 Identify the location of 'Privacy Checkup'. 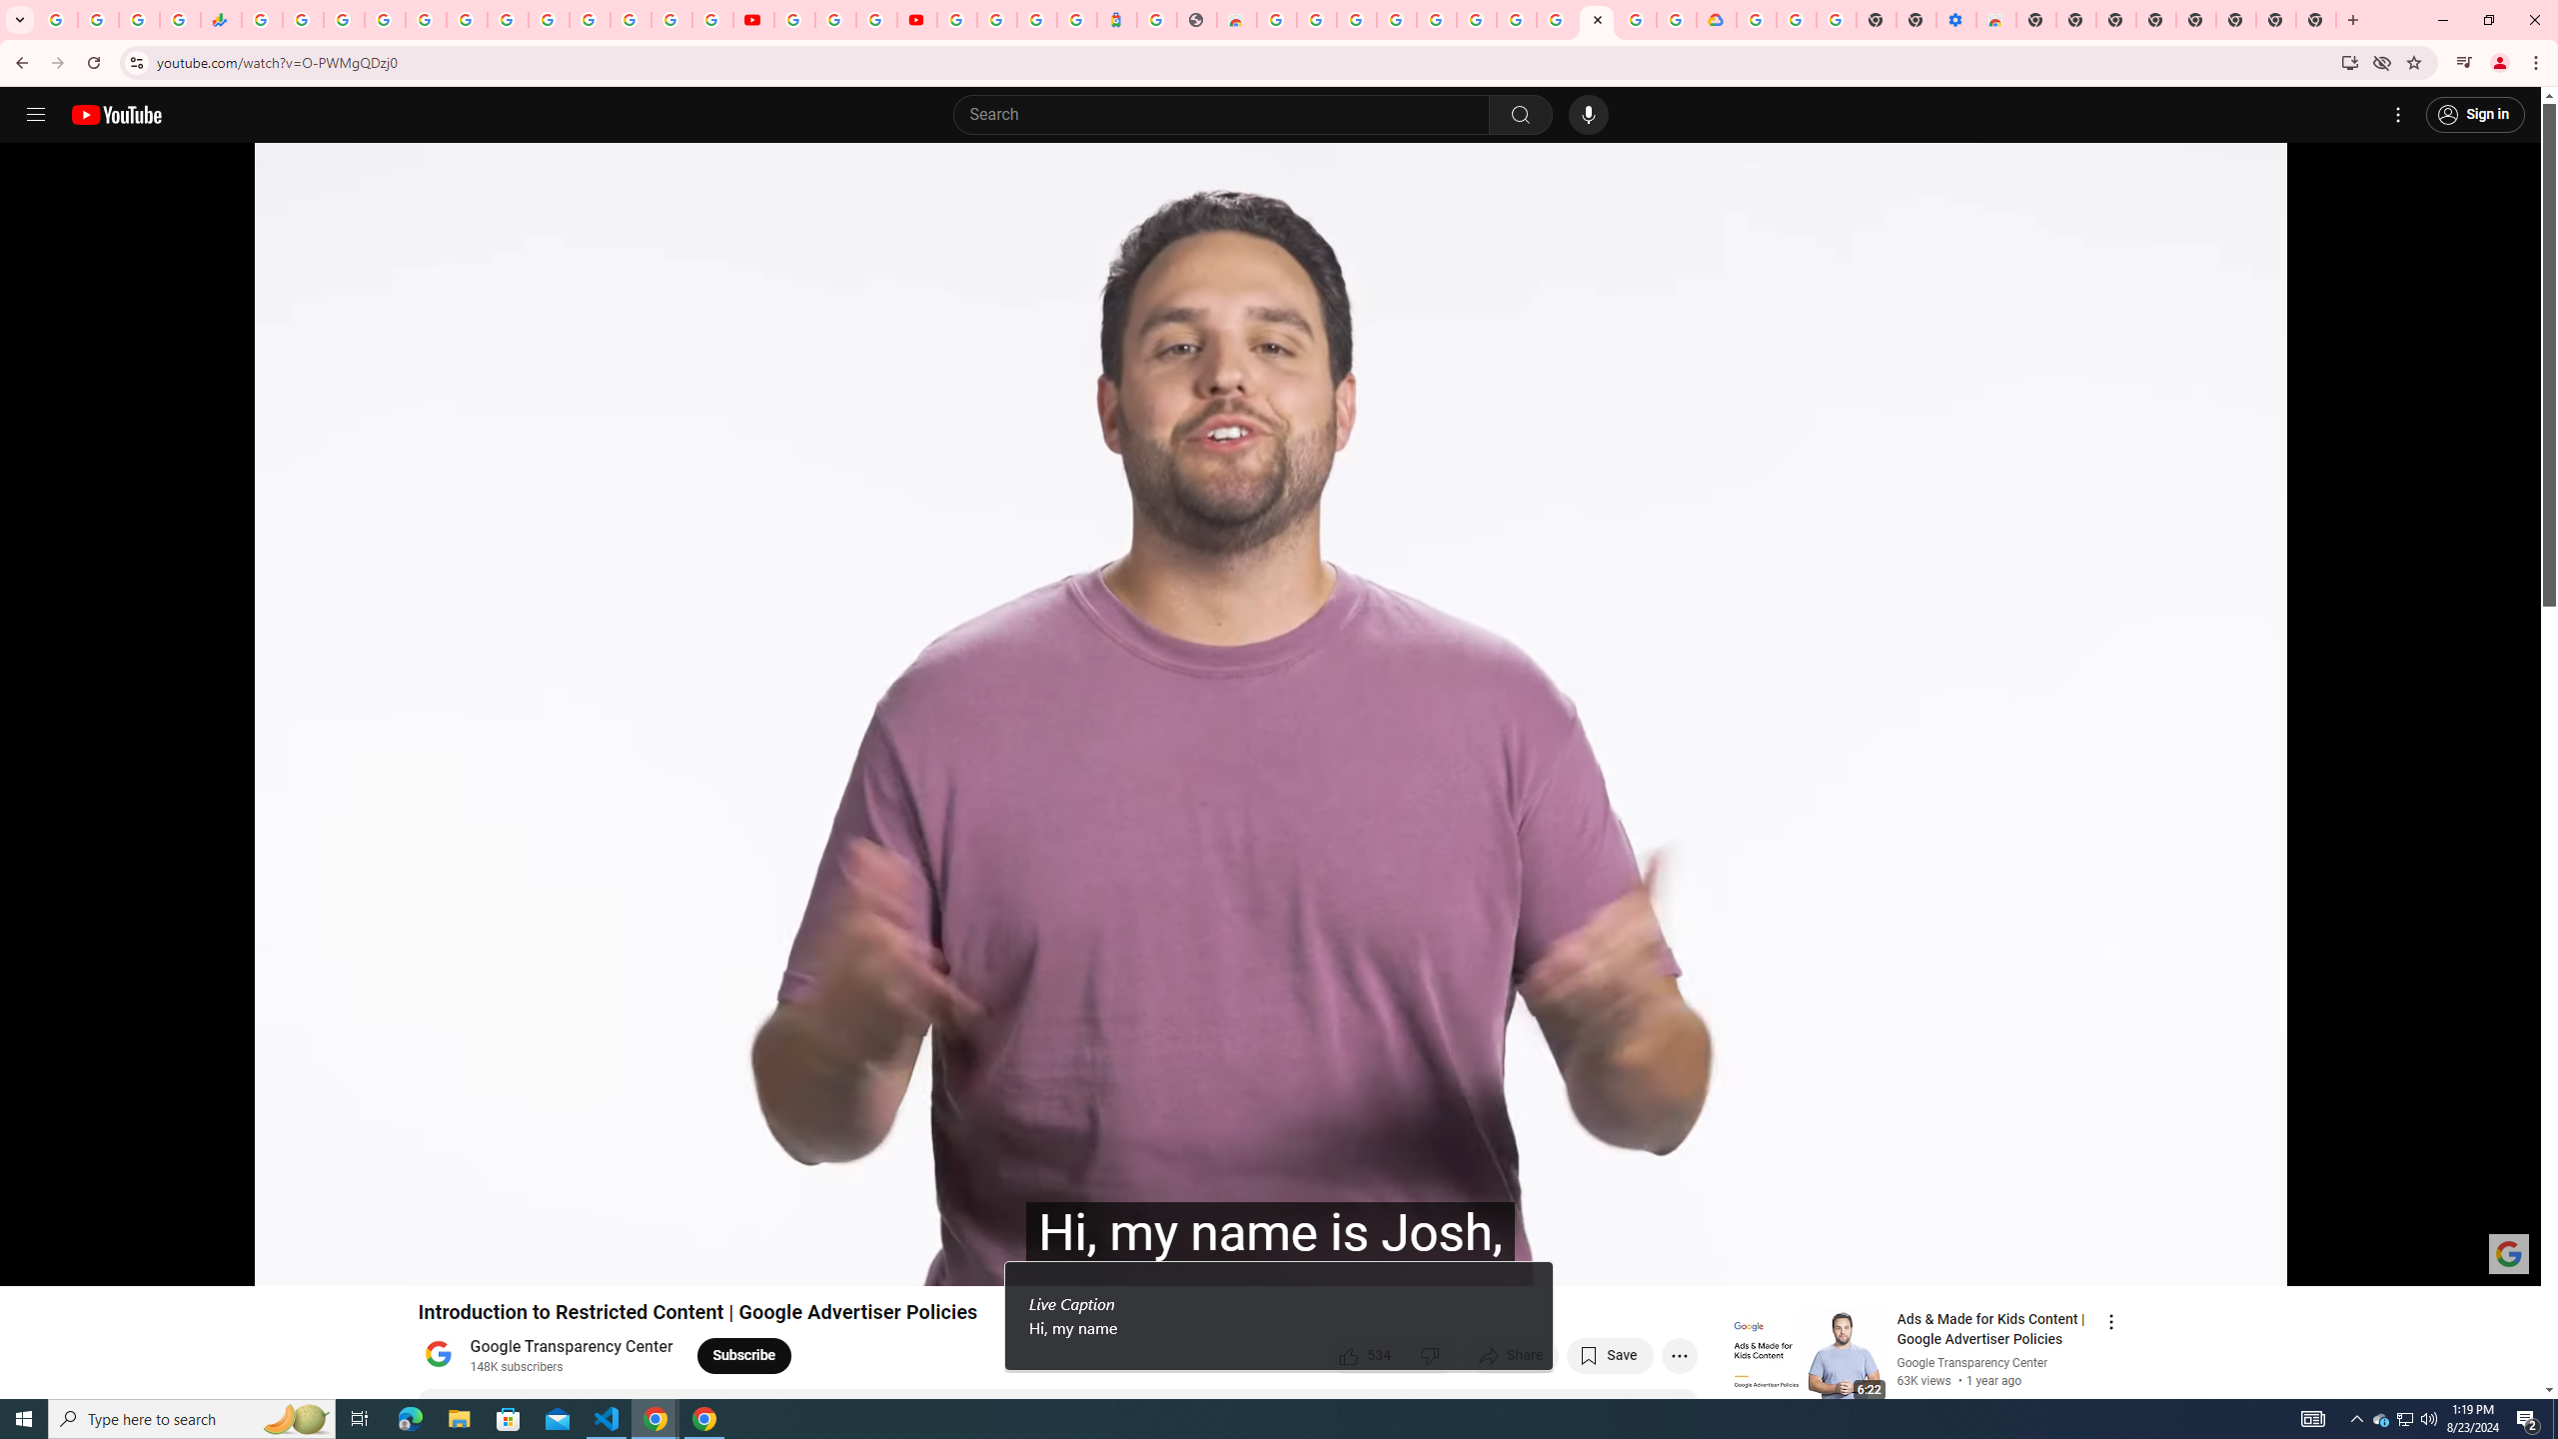
(711, 19).